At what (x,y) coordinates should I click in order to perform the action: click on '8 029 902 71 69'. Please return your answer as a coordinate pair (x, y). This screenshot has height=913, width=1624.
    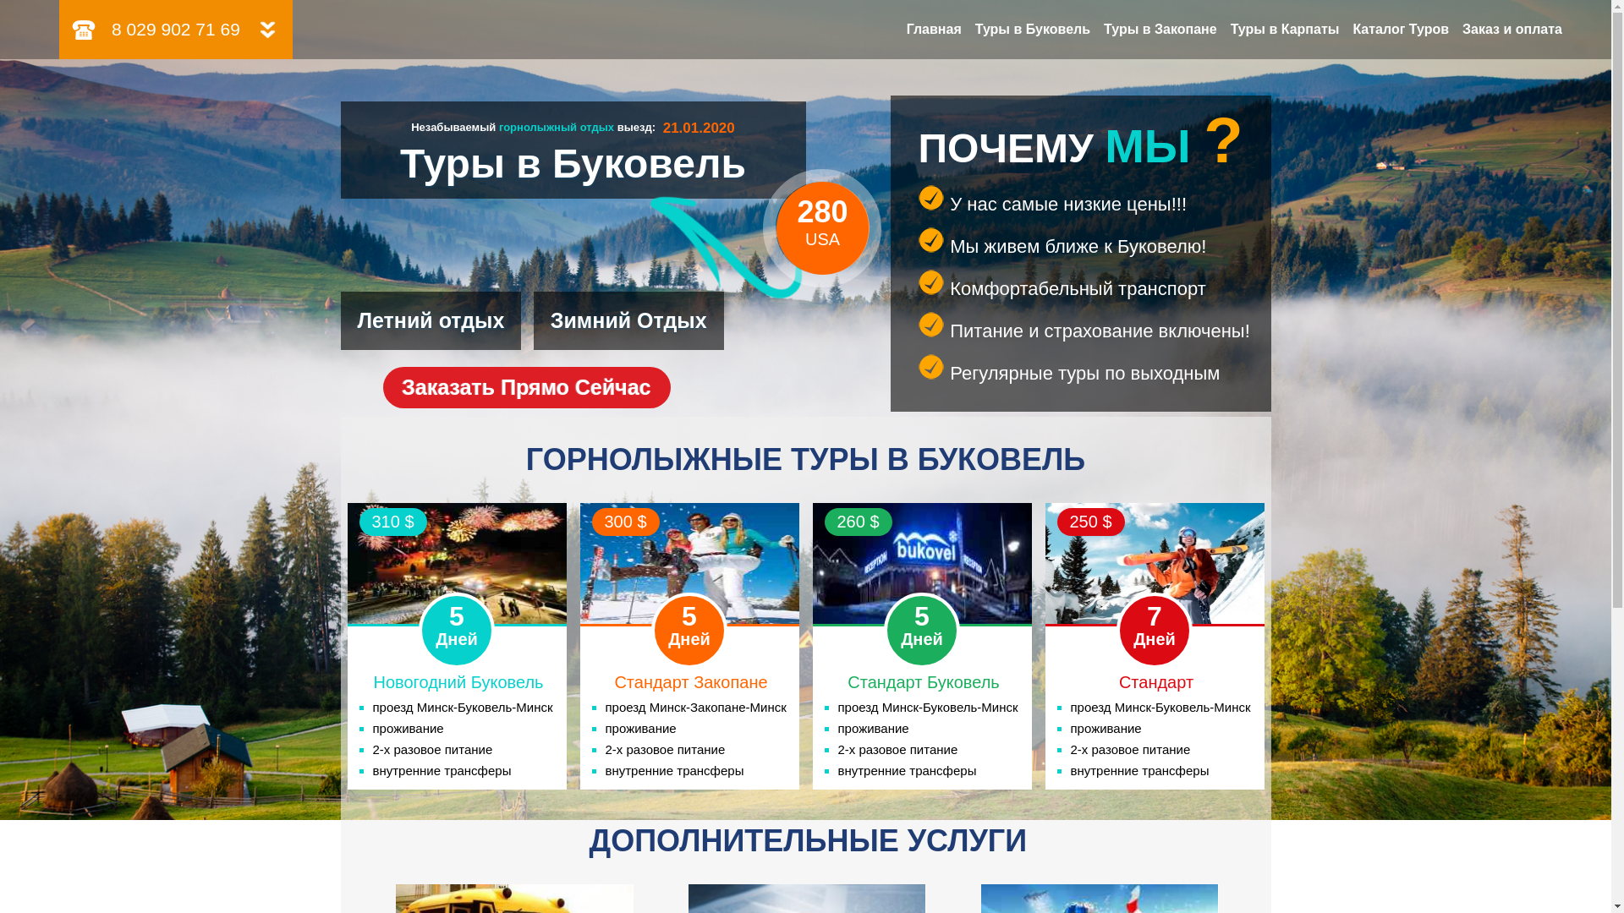
    Looking at the image, I should click on (175, 29).